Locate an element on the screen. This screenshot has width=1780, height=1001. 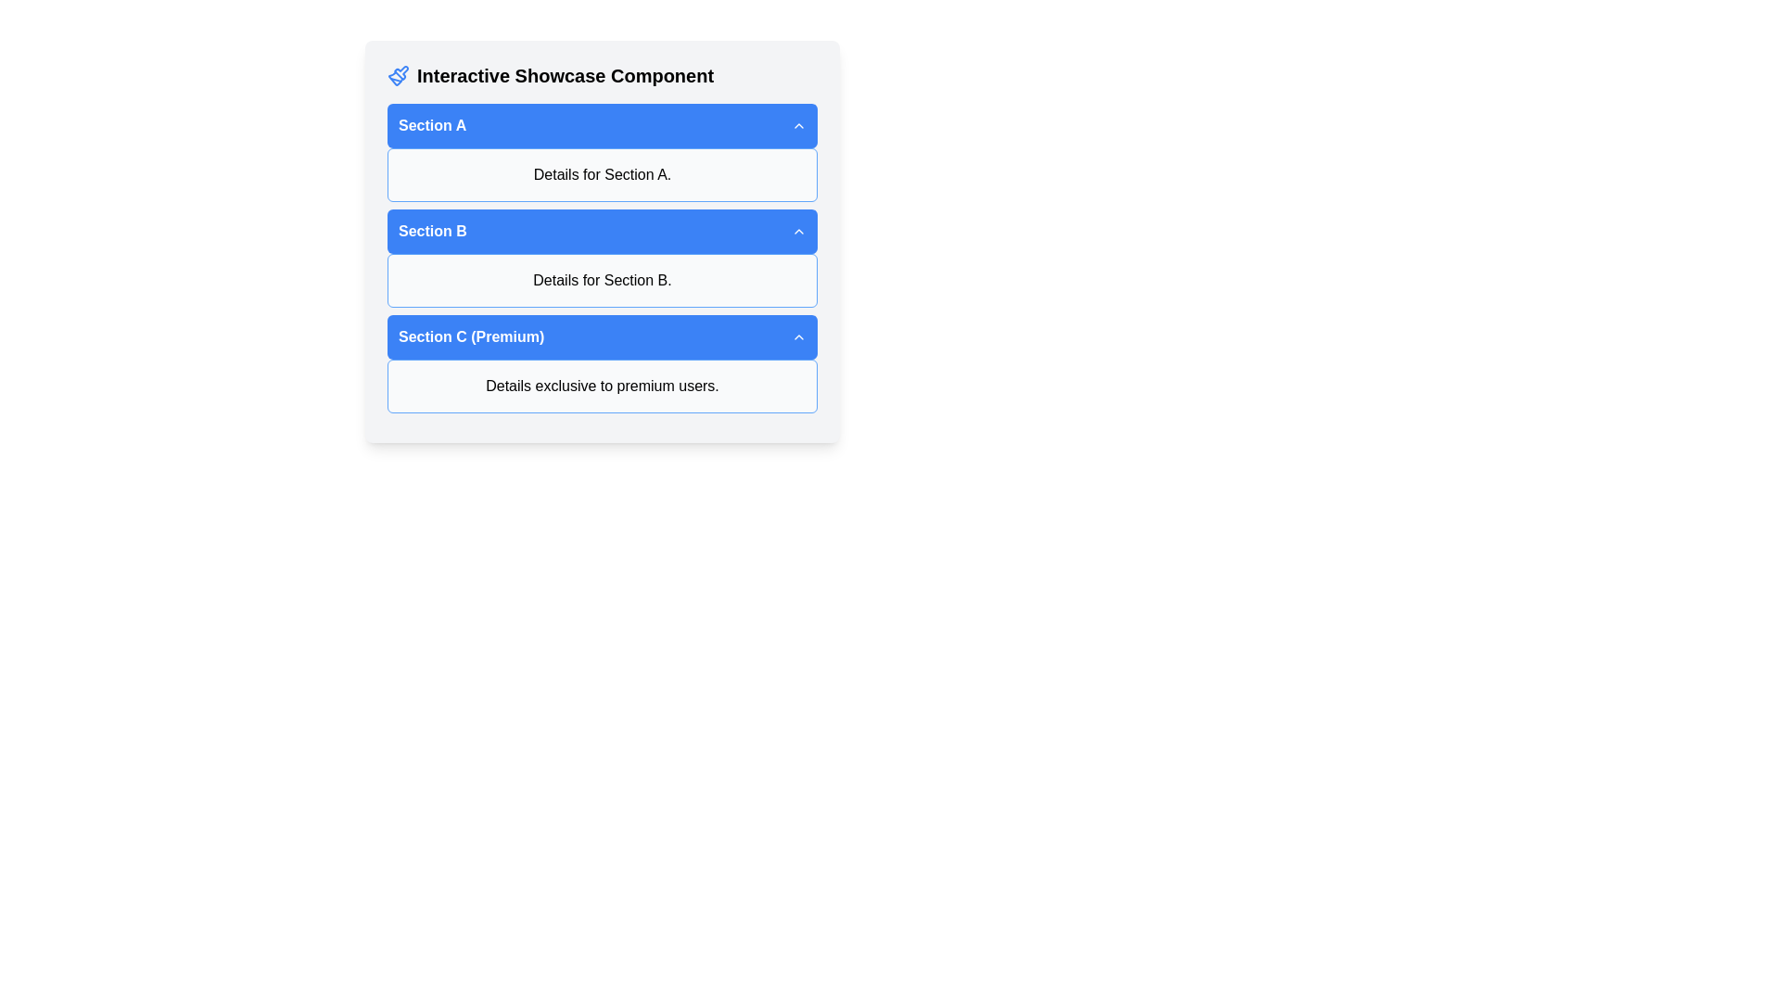
the upward-pointing chevron icon is located at coordinates (799, 336).